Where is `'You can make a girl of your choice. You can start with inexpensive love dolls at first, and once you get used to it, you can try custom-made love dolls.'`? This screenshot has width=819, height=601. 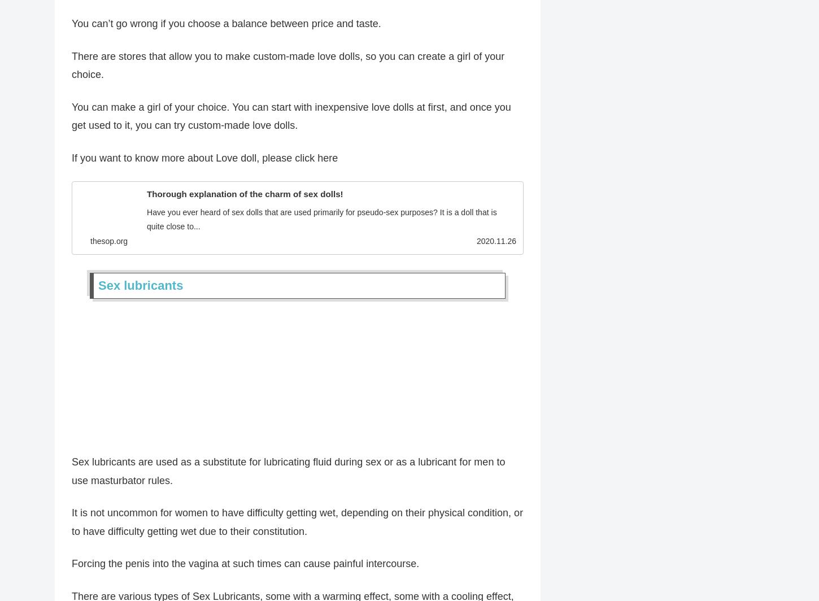
'You can make a girl of your choice. You can start with inexpensive love dolls at first, and once you get used to it, you can try custom-made love dolls.' is located at coordinates (291, 119).